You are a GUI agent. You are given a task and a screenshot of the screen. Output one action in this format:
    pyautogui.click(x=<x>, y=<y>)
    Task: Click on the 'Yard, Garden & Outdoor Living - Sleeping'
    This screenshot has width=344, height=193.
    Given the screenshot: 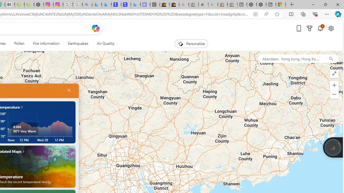 What is the action you would take?
    pyautogui.click(x=232, y=5)
    